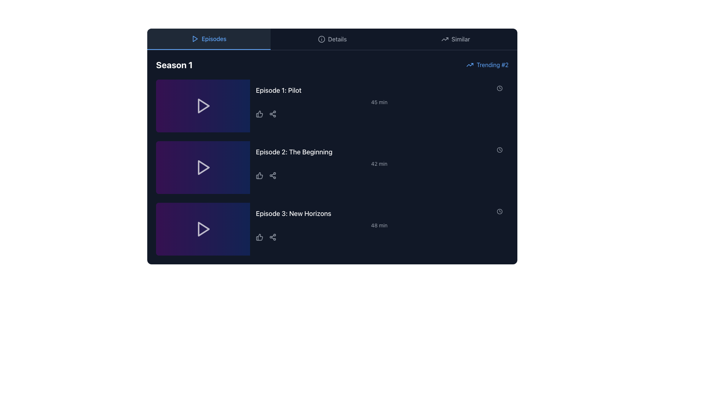  What do you see at coordinates (203, 106) in the screenshot?
I see `the 'Episode 1: Pilot' play button, which is a rectangular button with a gradient background and a triangular play icon at its center` at bounding box center [203, 106].